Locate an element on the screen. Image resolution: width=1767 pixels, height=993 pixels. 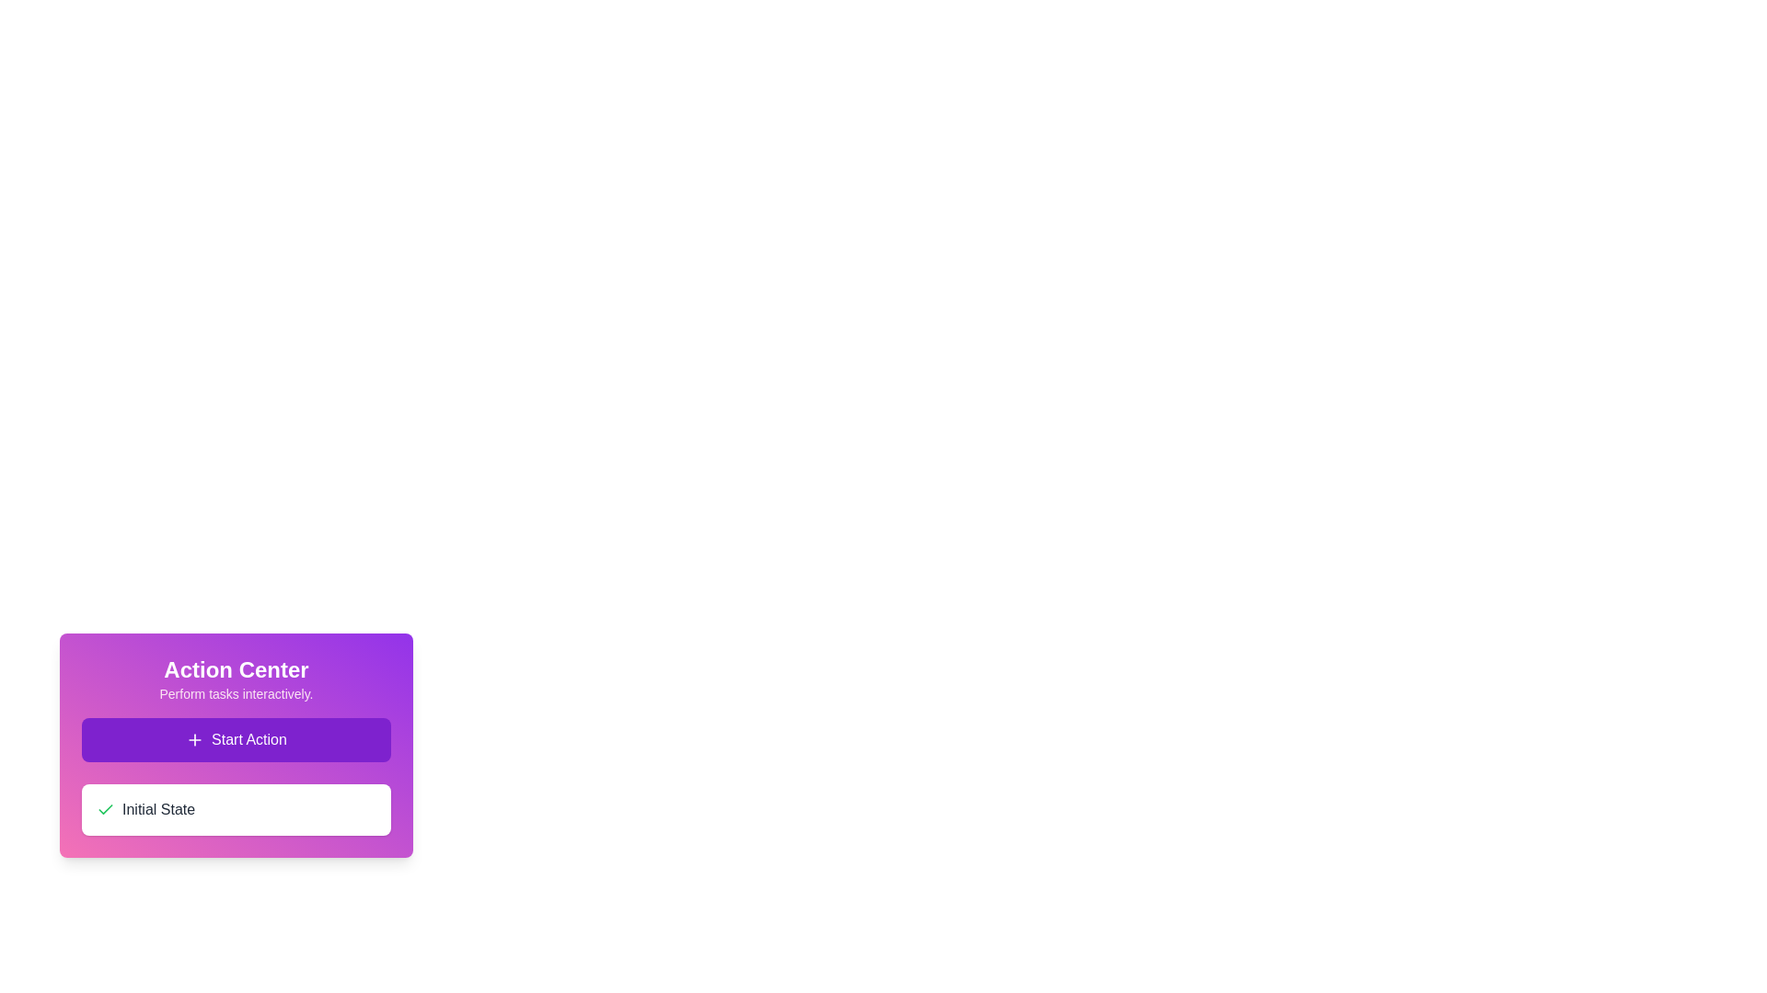
the green checkmark icon located to the left of the 'Initial State' text in the Action Center card is located at coordinates (105, 807).